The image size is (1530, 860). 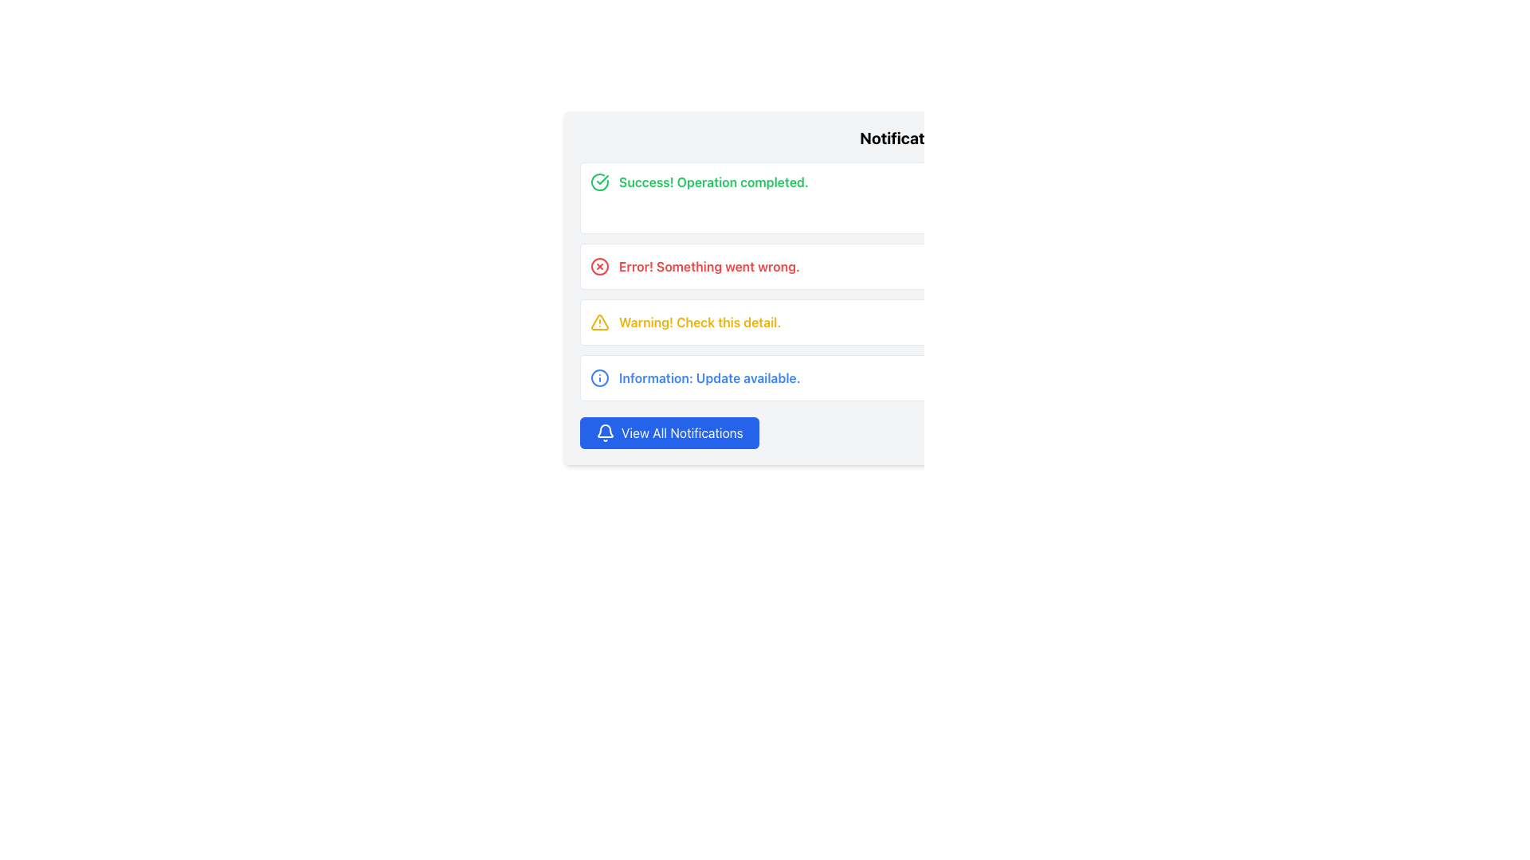 What do you see at coordinates (604, 432) in the screenshot?
I see `the bell icon, which is a white icon on a blue circular background, located to the left of the 'View All Notifications' label in the notification panel` at bounding box center [604, 432].